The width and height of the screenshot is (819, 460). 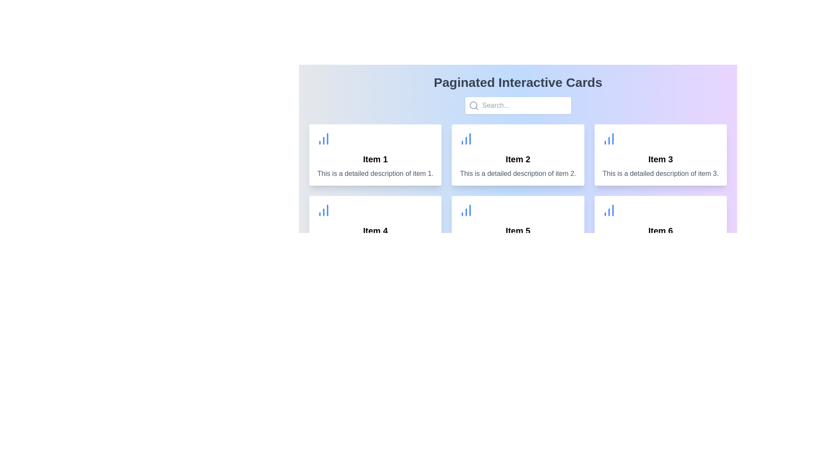 I want to click on the icon representing data visualization within the card labeled 'Item 4', located near the top-left corner above the item title and description, so click(x=323, y=210).